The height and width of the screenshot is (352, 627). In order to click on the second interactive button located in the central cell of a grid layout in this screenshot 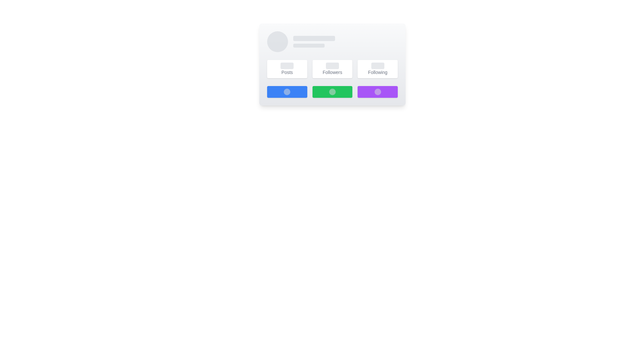, I will do `click(332, 92)`.